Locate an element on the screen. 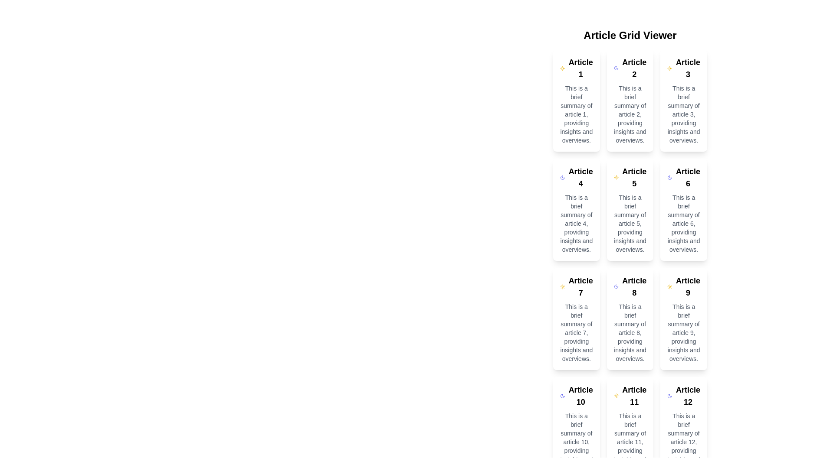 This screenshot has width=833, height=468. the fifth card in the grid layout, which has a white background, rounded corners, and contains a title and a sun icon is located at coordinates (630, 209).